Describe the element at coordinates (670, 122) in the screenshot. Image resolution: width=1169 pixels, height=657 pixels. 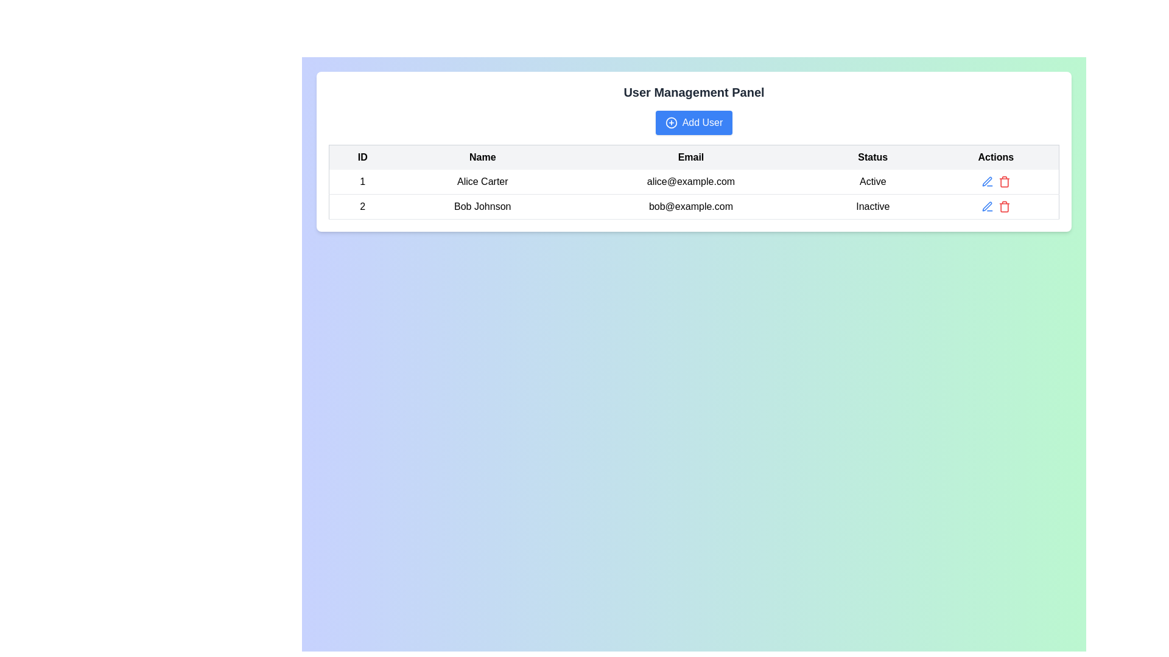
I see `the circular graphical element of the 'Add User' icon, which indicates an addition or creation action` at that location.